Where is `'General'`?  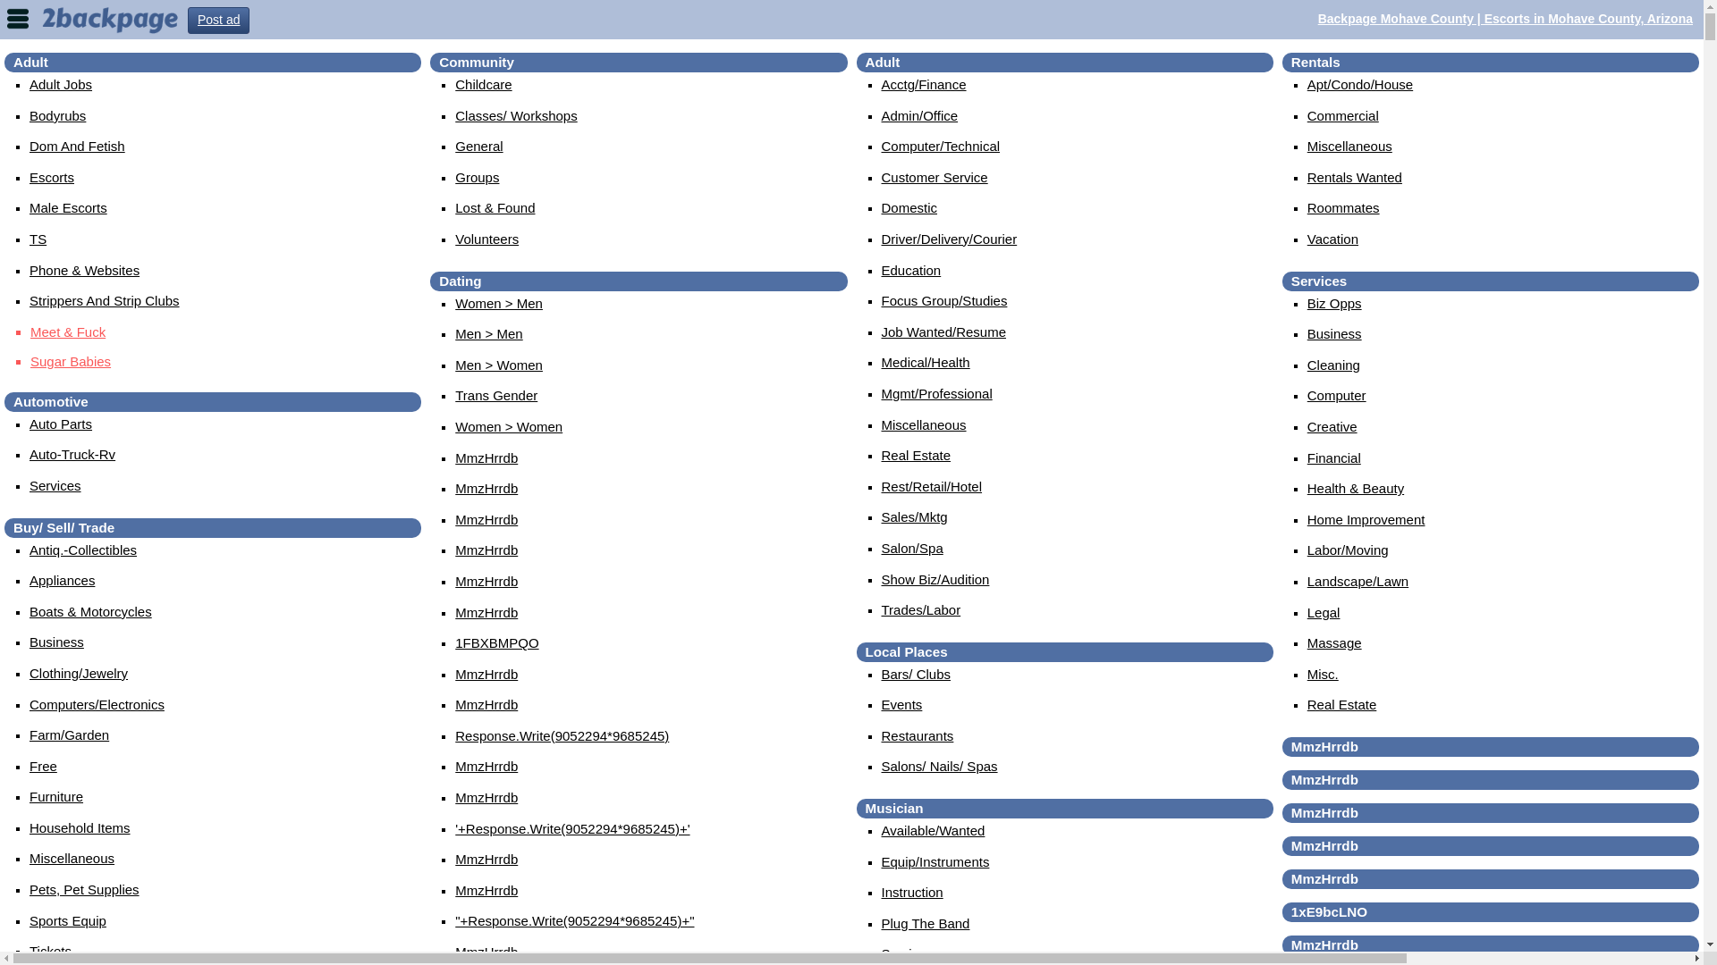
'General' is located at coordinates (454, 145).